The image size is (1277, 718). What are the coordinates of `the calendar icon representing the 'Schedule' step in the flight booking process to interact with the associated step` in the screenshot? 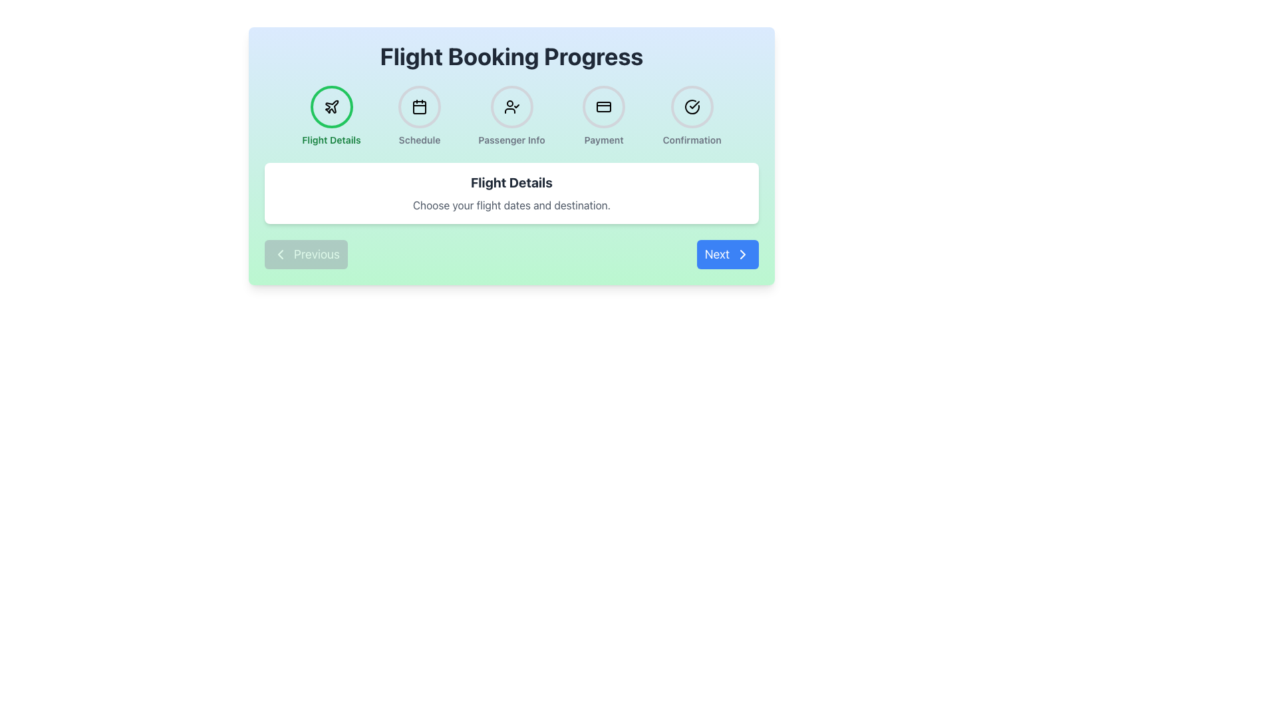 It's located at (419, 107).